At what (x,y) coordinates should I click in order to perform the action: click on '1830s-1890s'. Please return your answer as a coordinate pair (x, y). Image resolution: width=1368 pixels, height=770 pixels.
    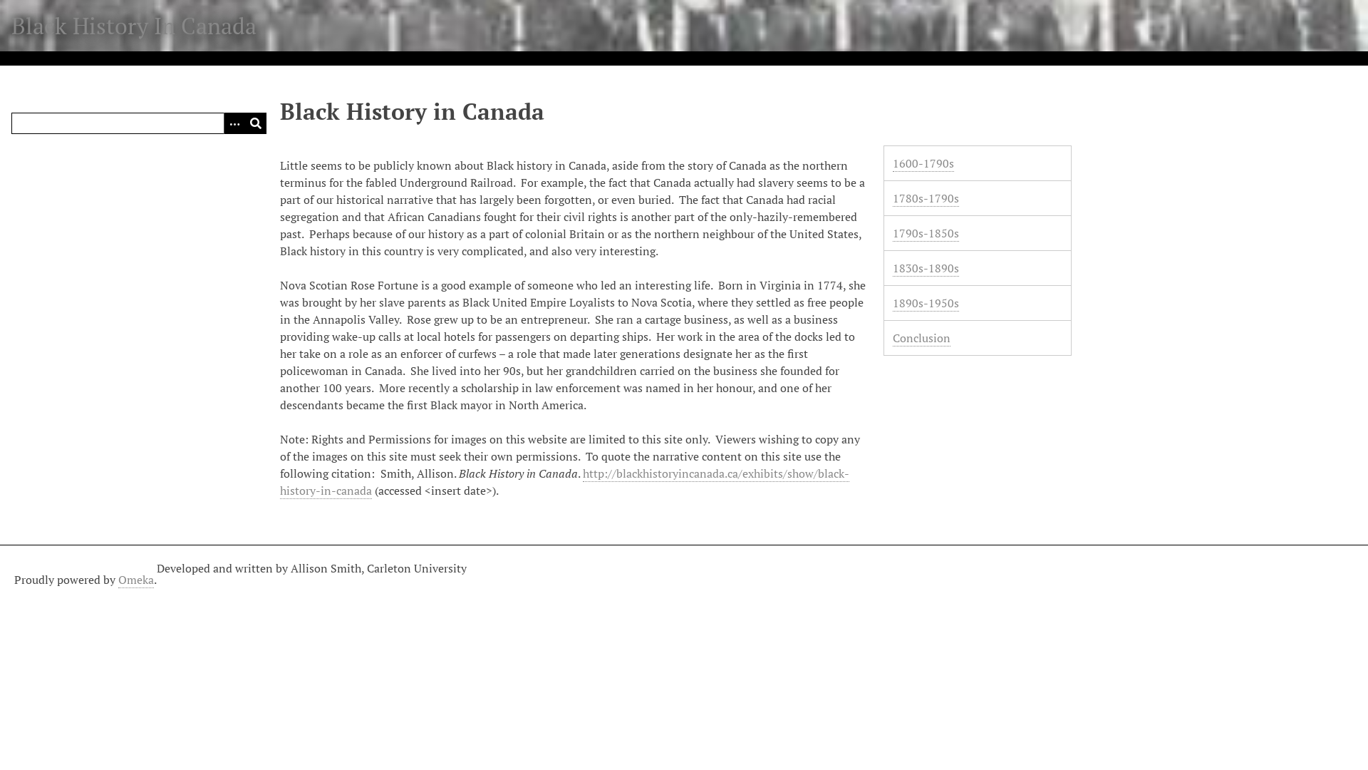
    Looking at the image, I should click on (926, 268).